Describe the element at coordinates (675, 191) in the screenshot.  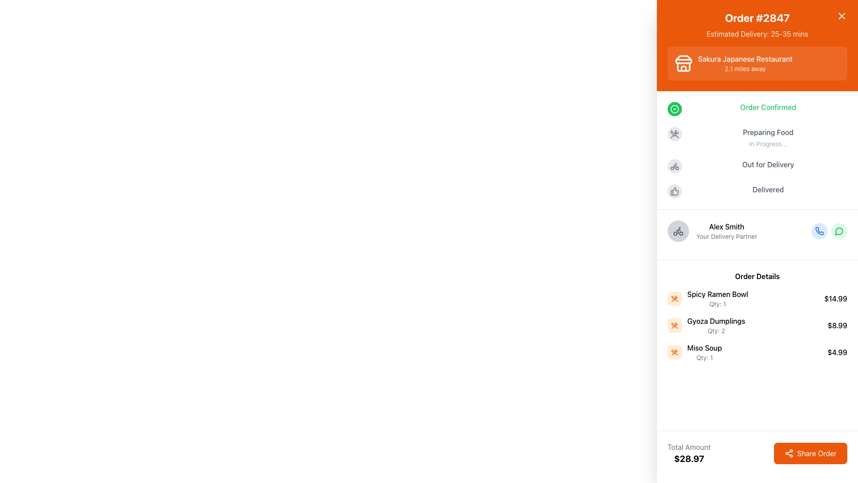
I see `the thumbs-up icon button that indicates completed delivery status, positioned to the left of the 'Delivered' text` at that location.